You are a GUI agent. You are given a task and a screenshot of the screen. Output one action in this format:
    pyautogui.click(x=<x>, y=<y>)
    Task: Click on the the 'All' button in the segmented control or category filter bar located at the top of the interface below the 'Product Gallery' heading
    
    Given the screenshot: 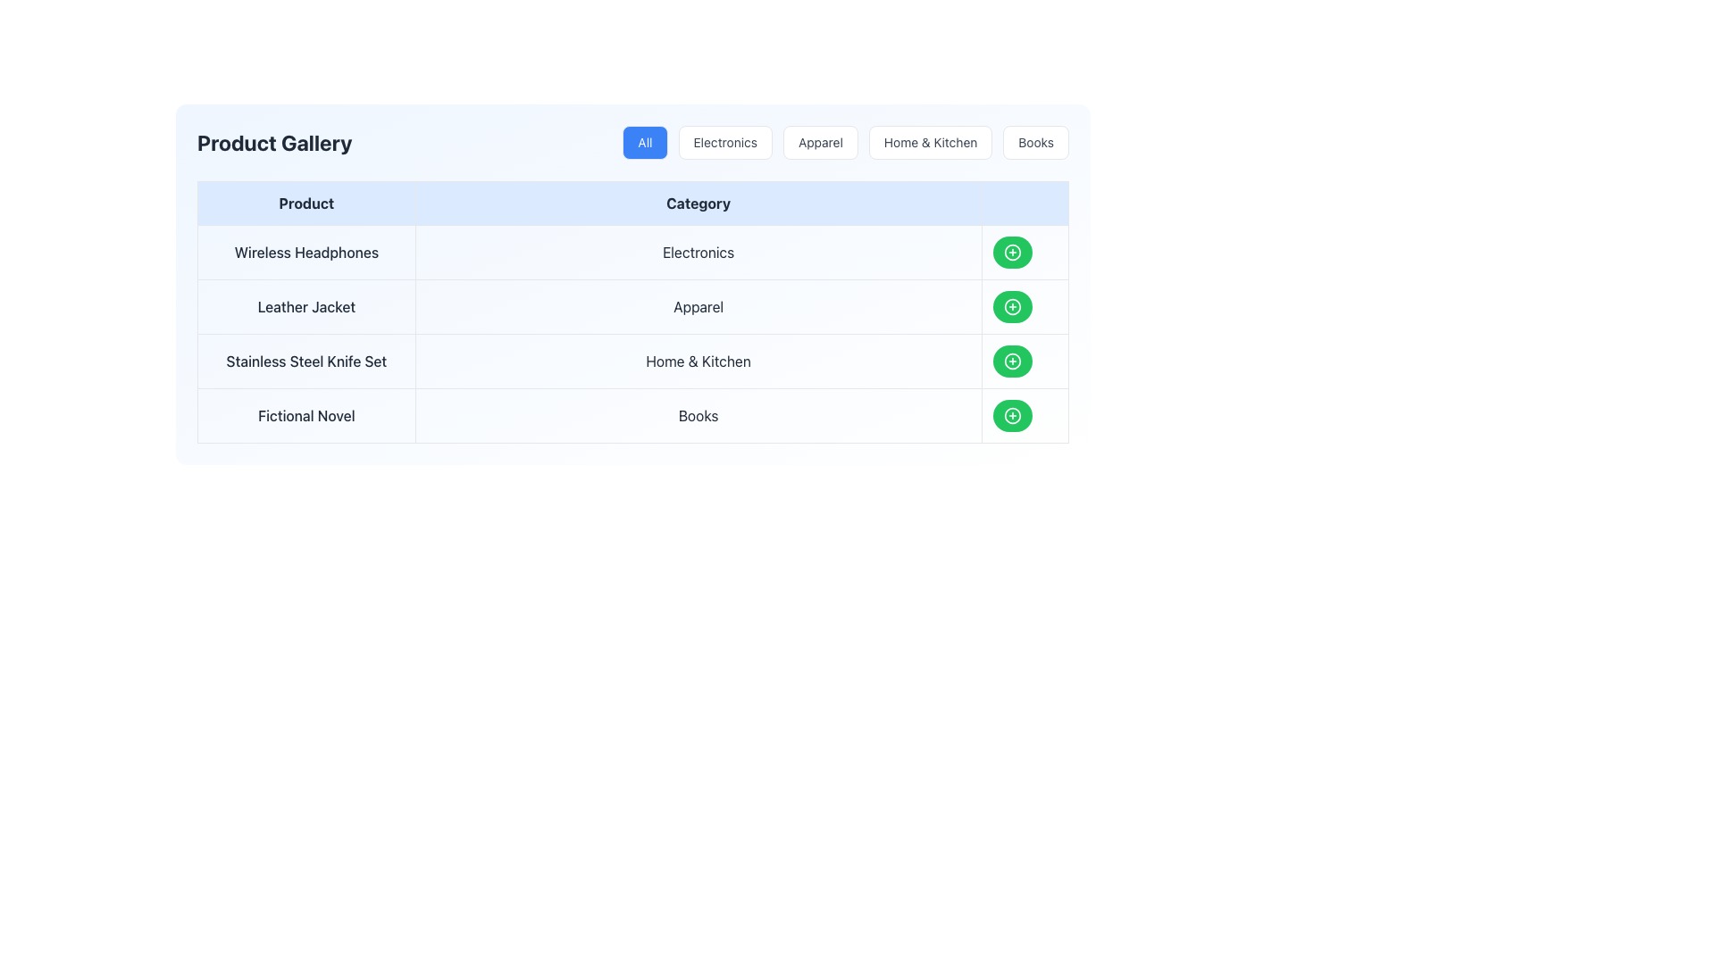 What is the action you would take?
    pyautogui.click(x=633, y=141)
    